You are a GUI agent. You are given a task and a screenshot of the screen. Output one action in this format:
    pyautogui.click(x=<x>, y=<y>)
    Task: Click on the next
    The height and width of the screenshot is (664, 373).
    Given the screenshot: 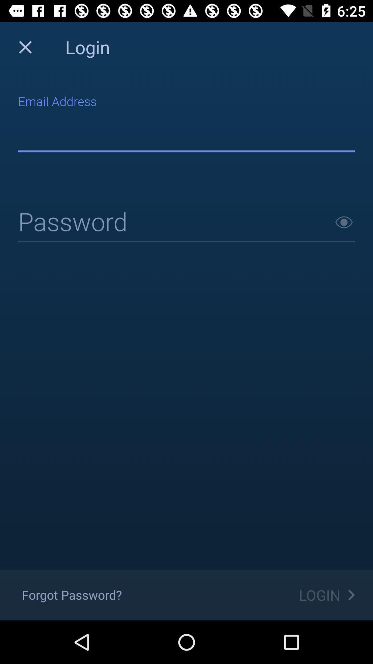 What is the action you would take?
    pyautogui.click(x=344, y=222)
    